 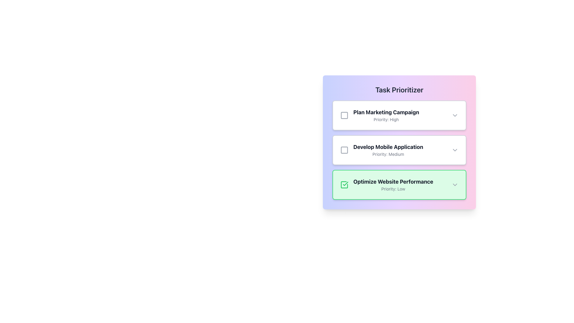 I want to click on to select the task represented by the third card in a vertical stack of cards, which denotes a task with its priority level, so click(x=399, y=184).